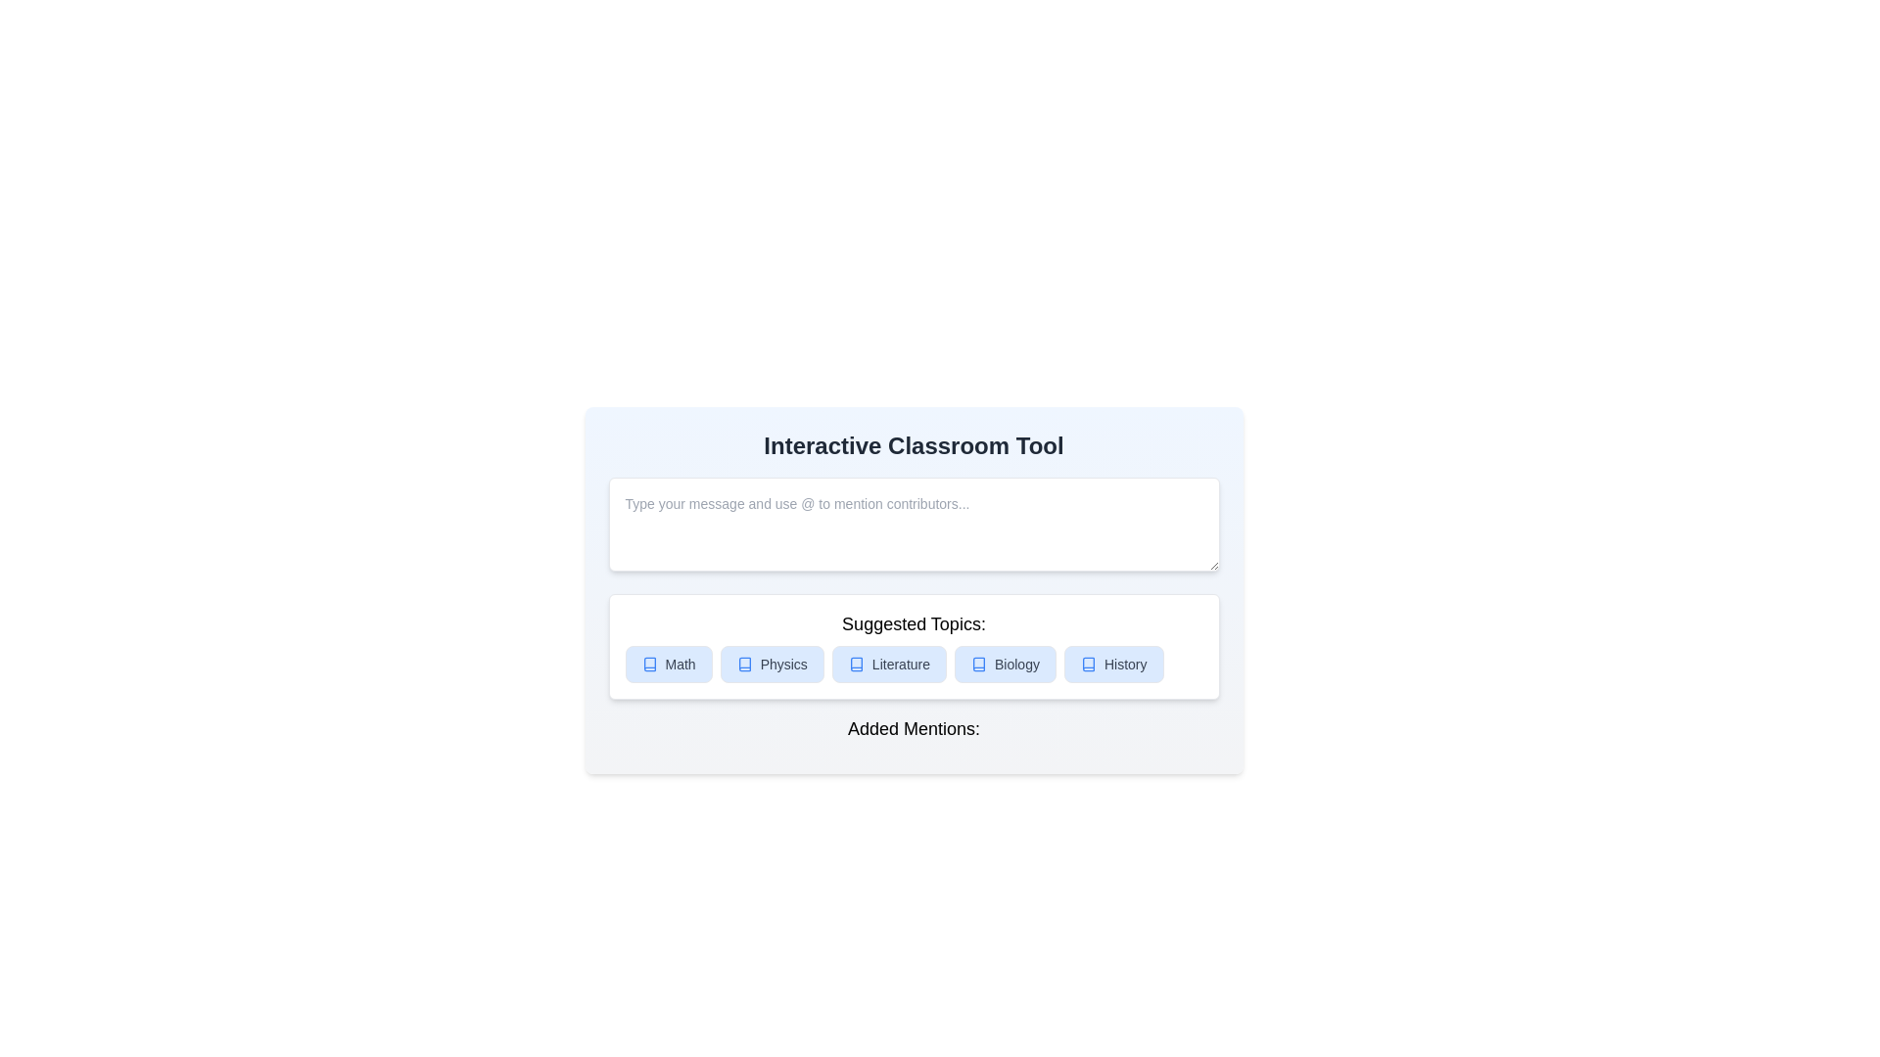 The width and height of the screenshot is (1880, 1057). Describe the element at coordinates (856, 663) in the screenshot. I see `the 'Literature' topic icon, which is a rounded rectangle button located to the left of the 'Literature' text label in the middle section of the interface` at that location.